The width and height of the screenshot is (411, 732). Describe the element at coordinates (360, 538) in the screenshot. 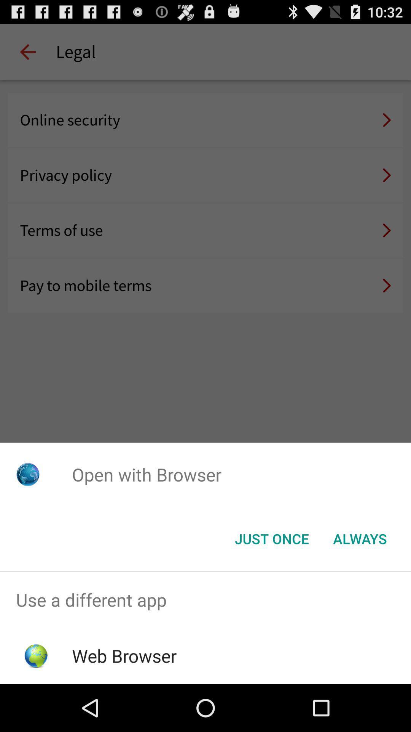

I see `the button next to just once button` at that location.